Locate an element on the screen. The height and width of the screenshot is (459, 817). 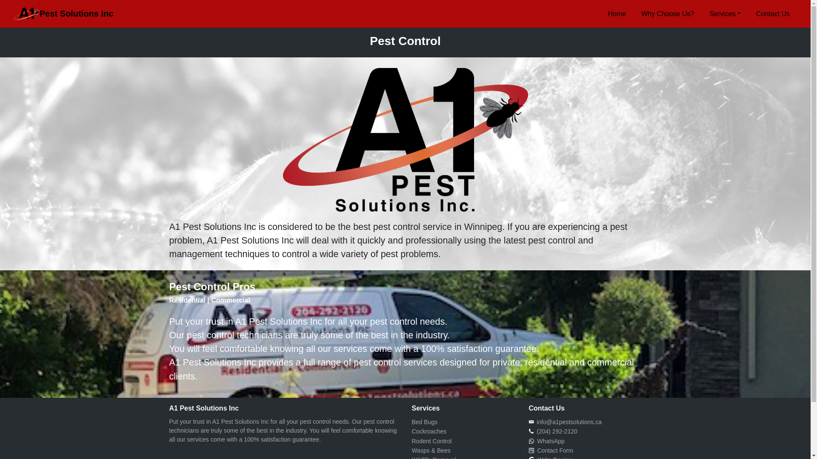
'  (204) 292-2120' is located at coordinates (555, 431).